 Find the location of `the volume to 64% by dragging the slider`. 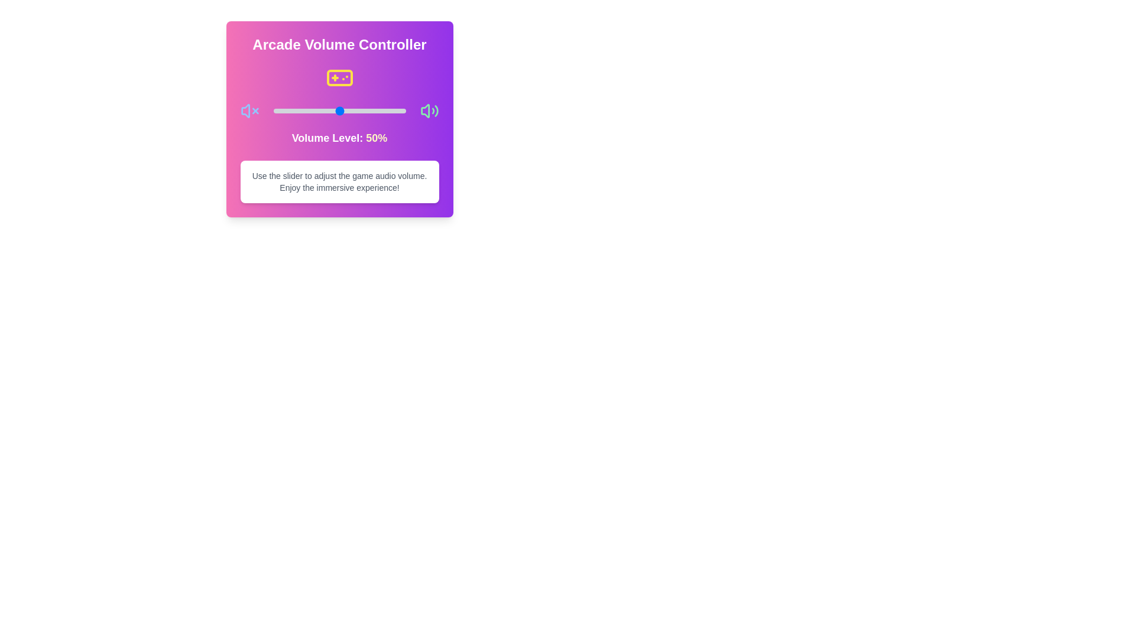

the volume to 64% by dragging the slider is located at coordinates (357, 111).